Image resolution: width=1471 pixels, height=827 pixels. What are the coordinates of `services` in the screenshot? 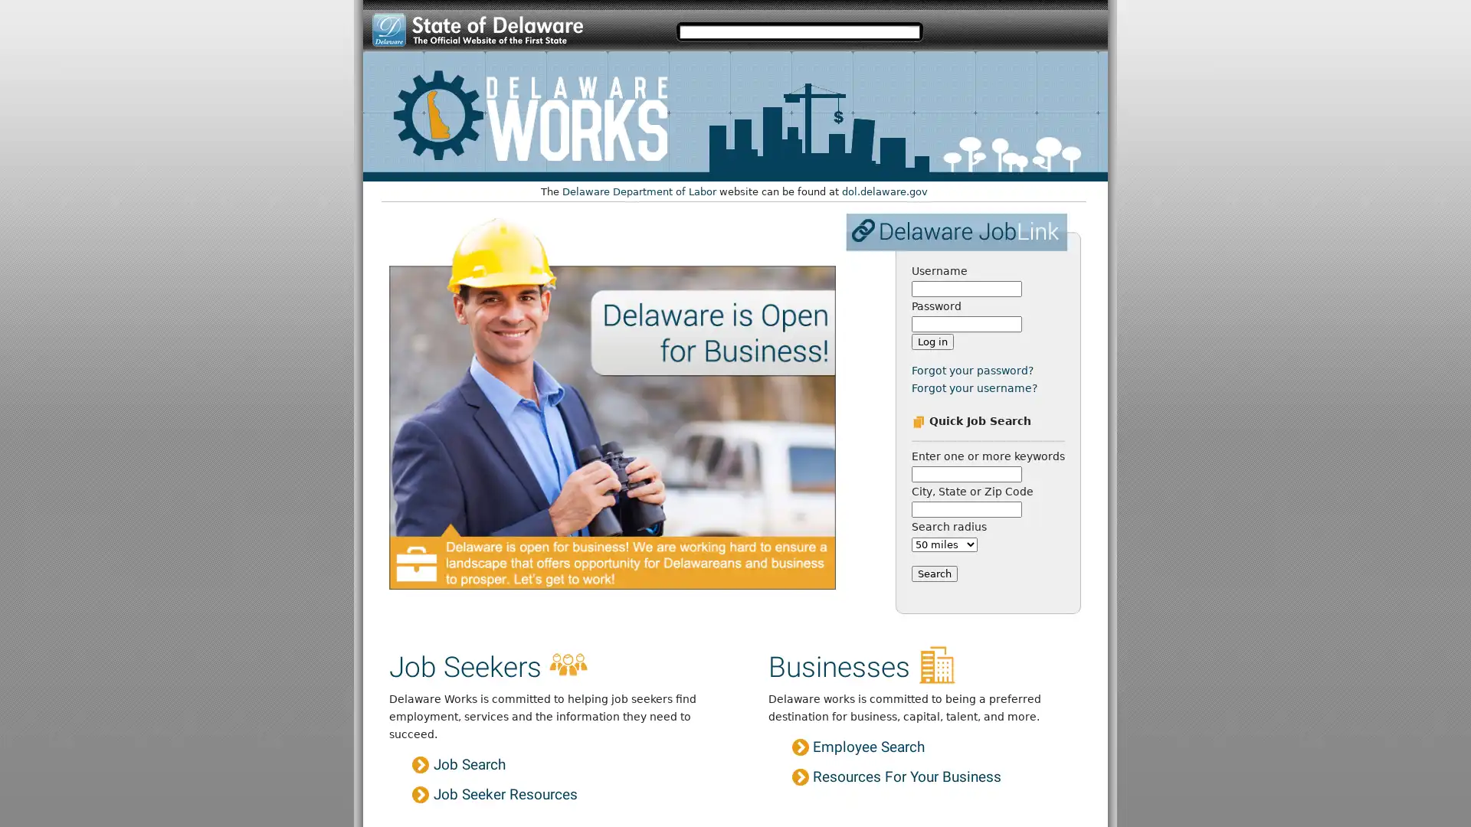 It's located at (1074, 30).